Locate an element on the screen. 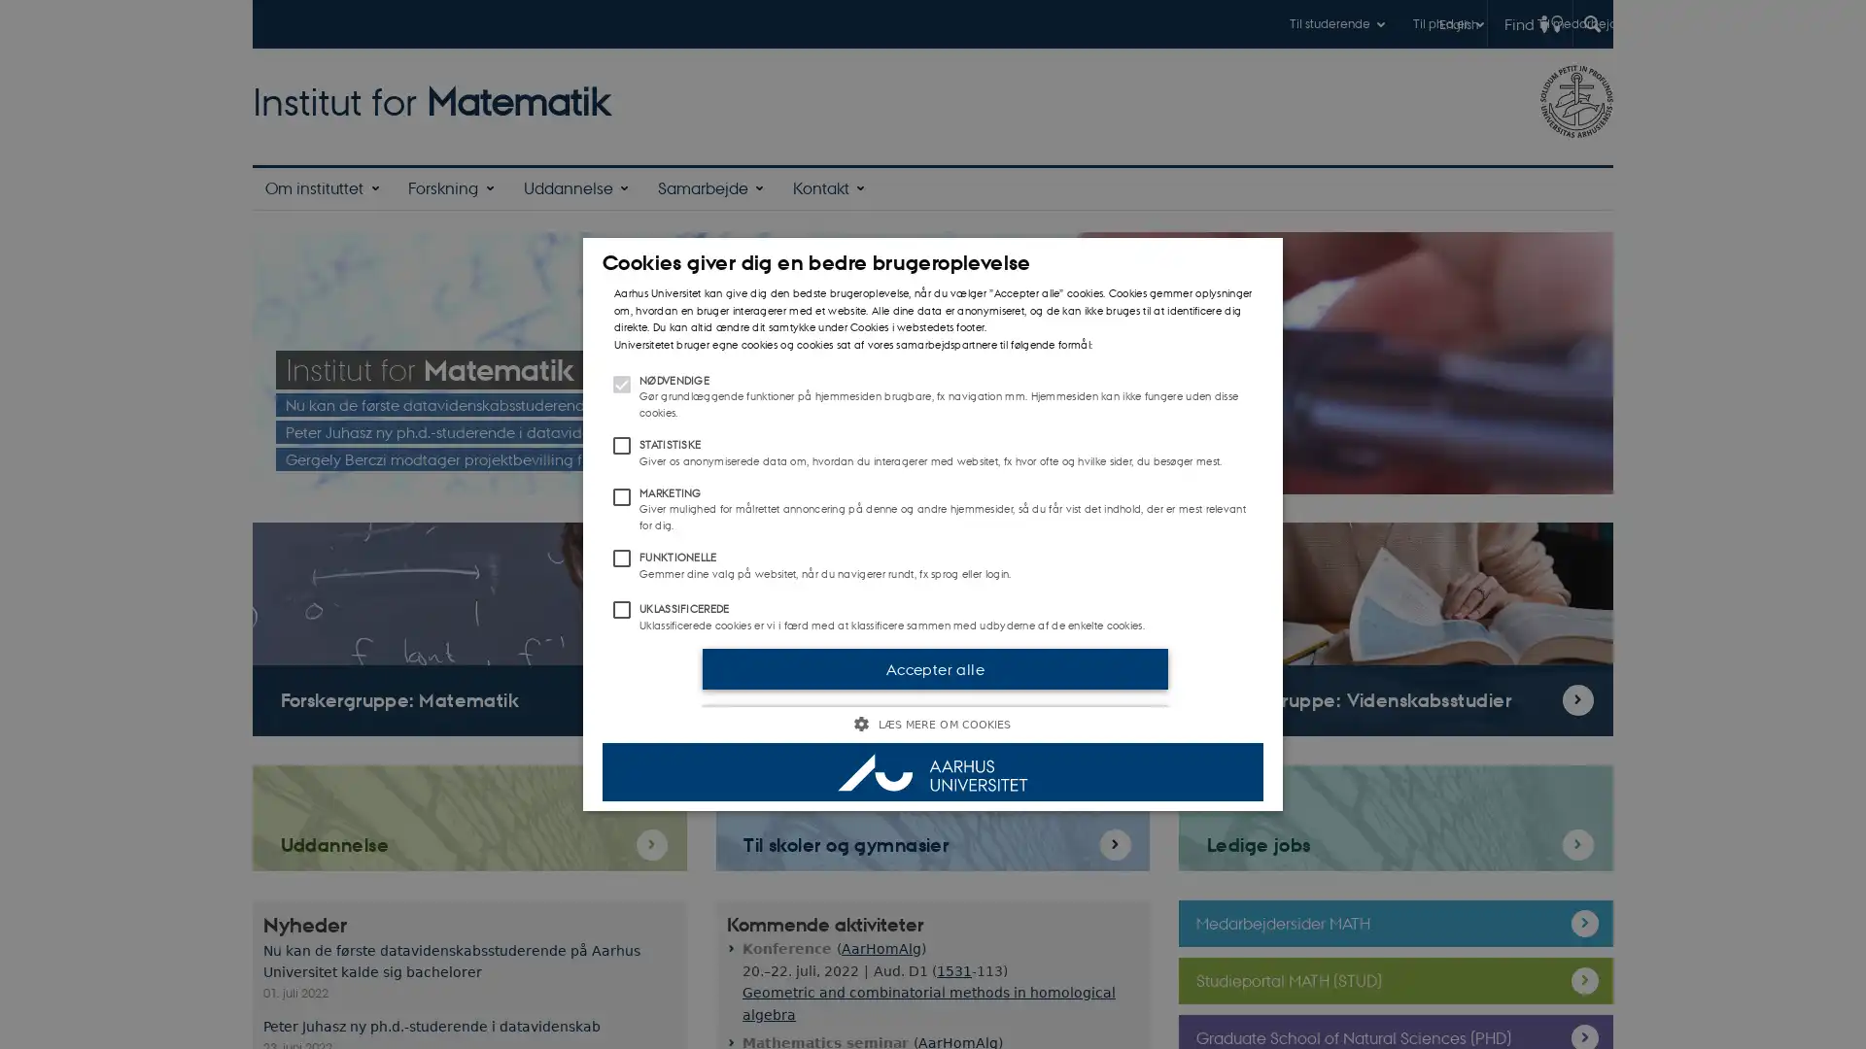 This screenshot has height=1049, width=1866. Accepter alle is located at coordinates (1094, 666).